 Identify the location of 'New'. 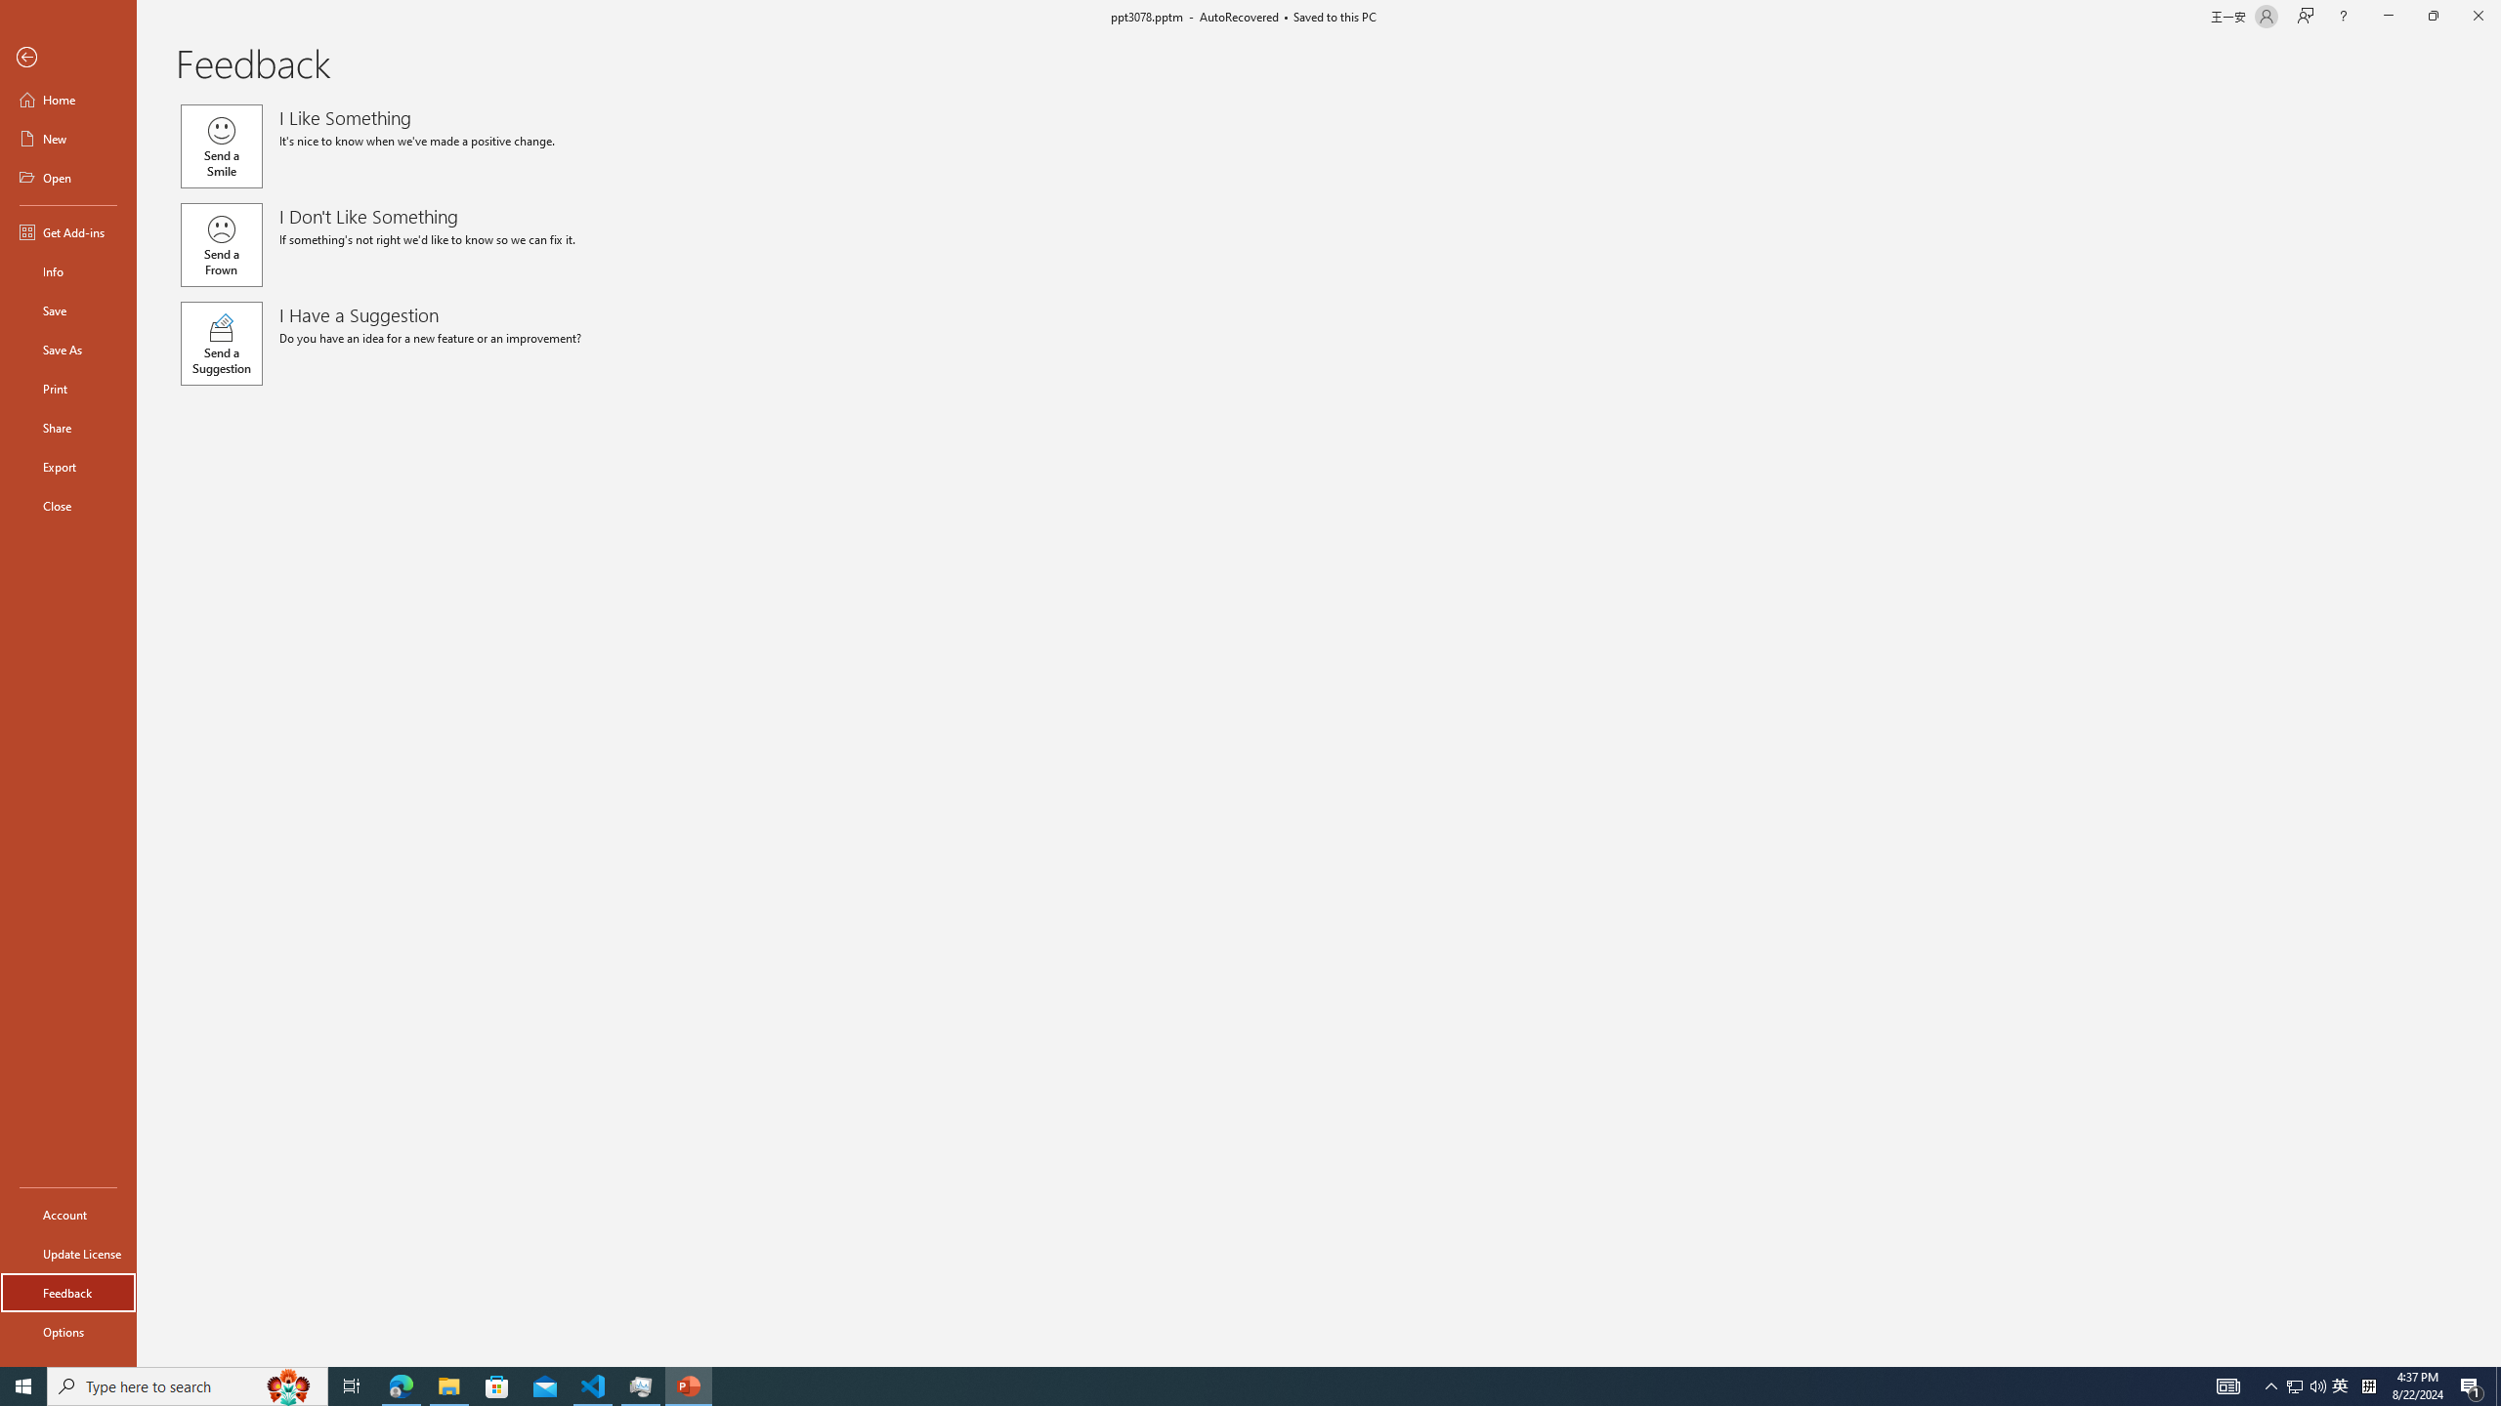
(67, 138).